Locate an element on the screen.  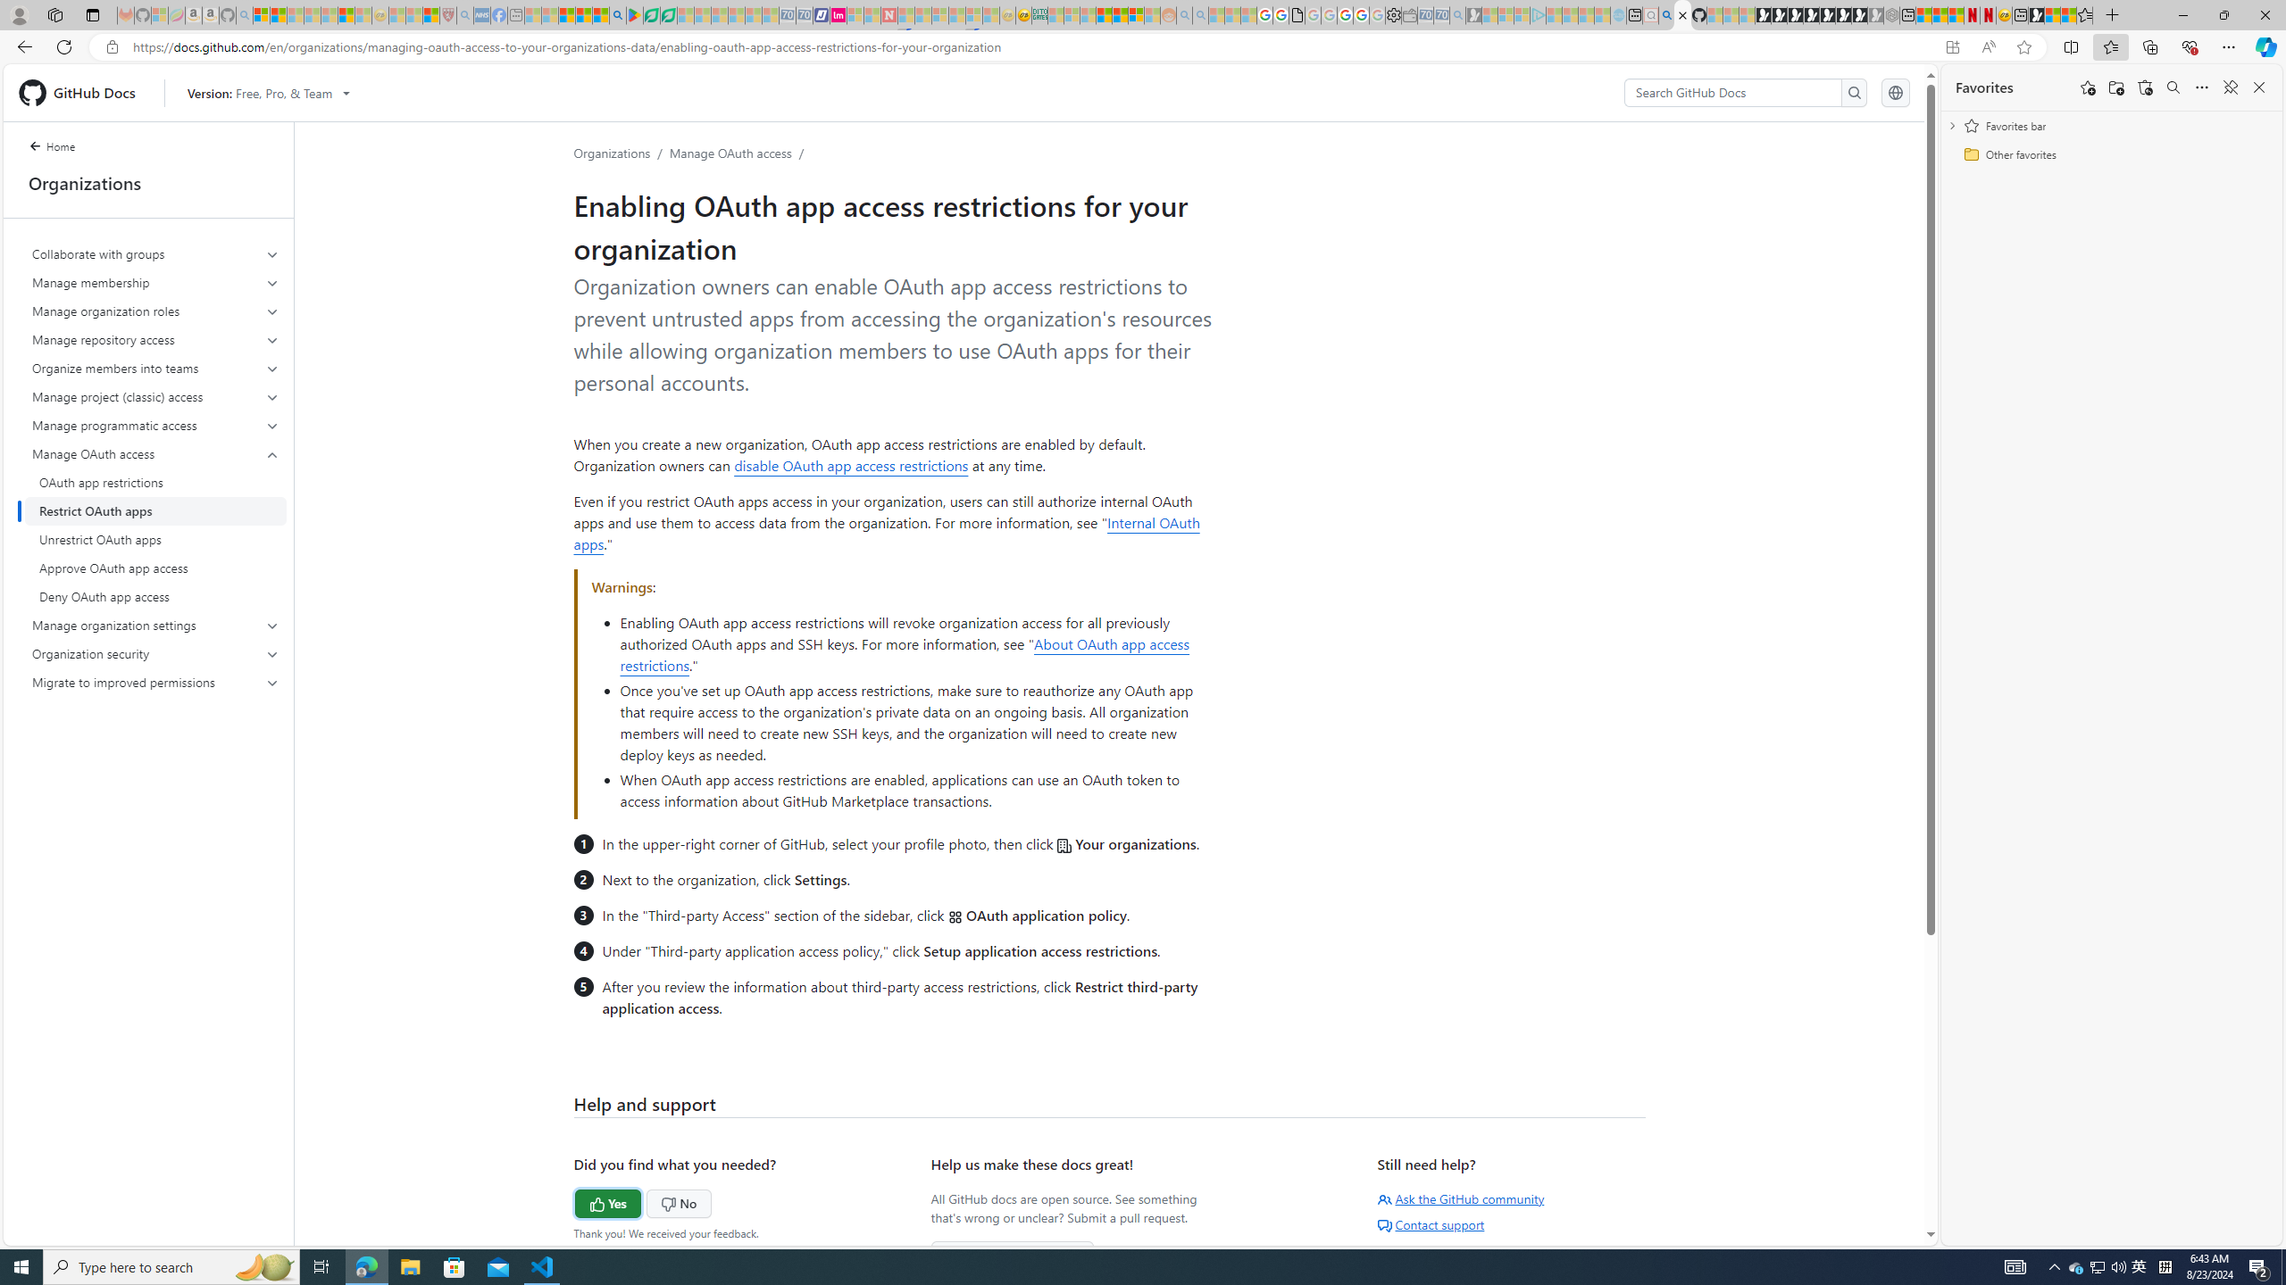
'Unpin favorites' is located at coordinates (2229, 86).